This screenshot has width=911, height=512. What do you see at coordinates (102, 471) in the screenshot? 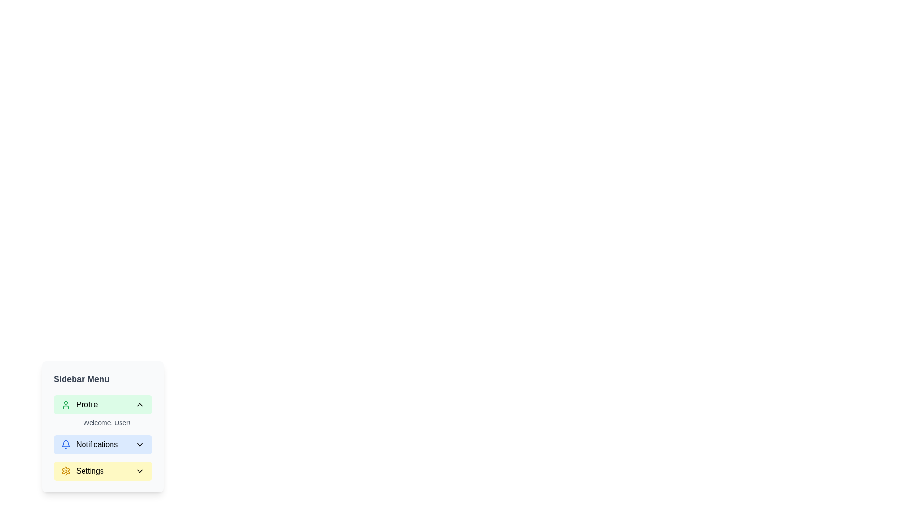
I see `the 'Settings' menu item, which has a yellow background, rounded corners, and is the third option in the sidebar menu` at bounding box center [102, 471].